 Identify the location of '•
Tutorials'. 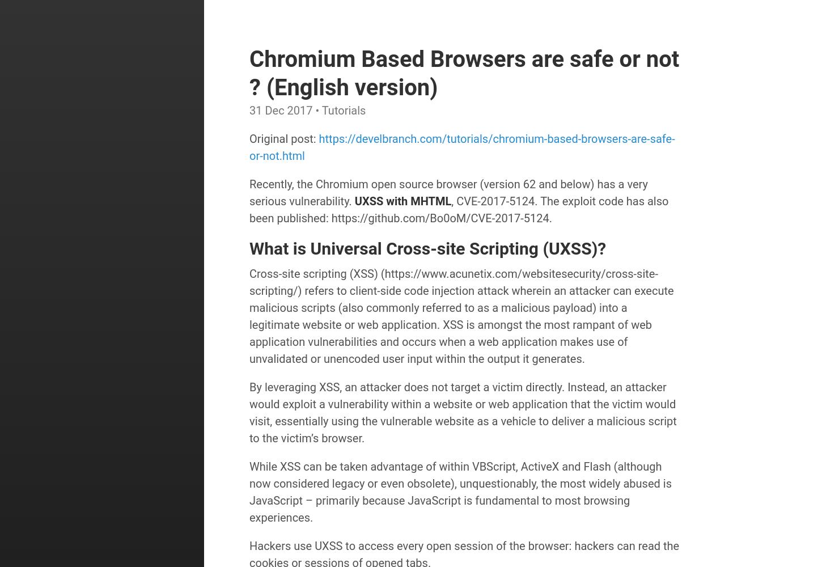
(315, 110).